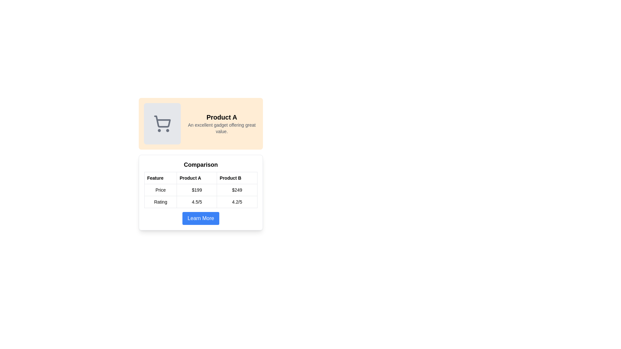 Image resolution: width=621 pixels, height=349 pixels. I want to click on the Text Cell displaying the price '$199', which is positioned in the middle cell of the first row of a table, flanked by 'Price' on the left and '$249' on the right, so click(200, 189).